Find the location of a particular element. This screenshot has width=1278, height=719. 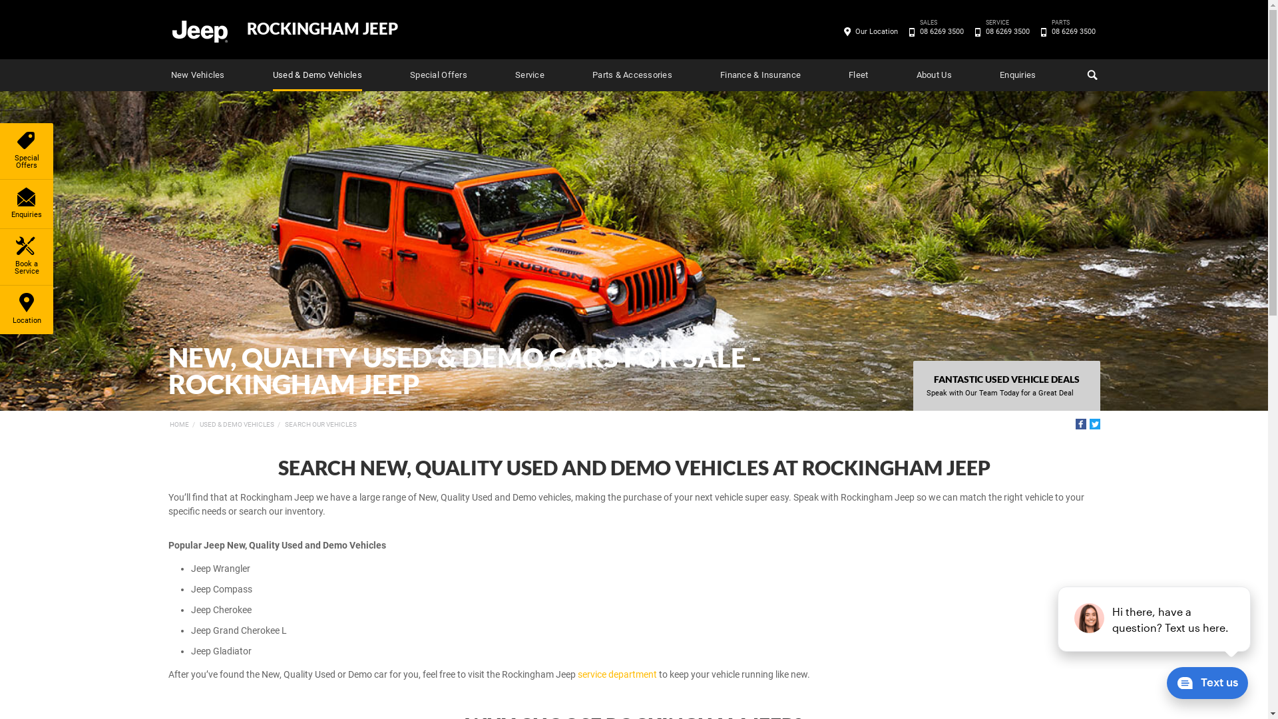

'SEARCH OUR VEHICLES' is located at coordinates (320, 424).